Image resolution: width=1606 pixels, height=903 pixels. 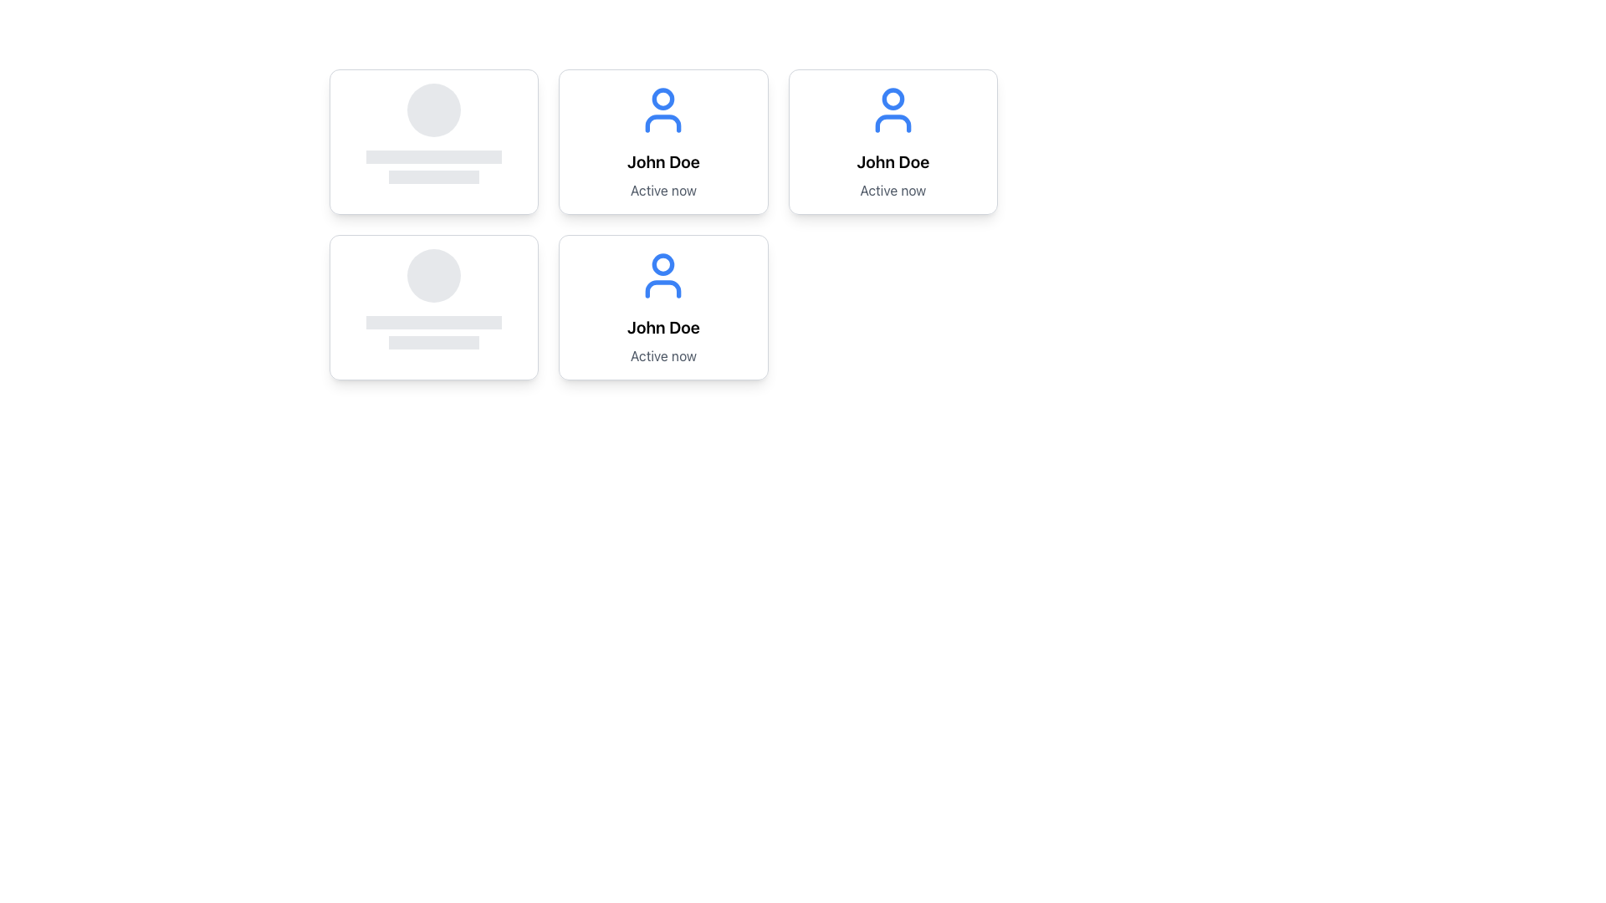 I want to click on the gray circular shape and horizontal gray bars of the Placeholder located in the upper-left card of the grid, so click(x=434, y=132).